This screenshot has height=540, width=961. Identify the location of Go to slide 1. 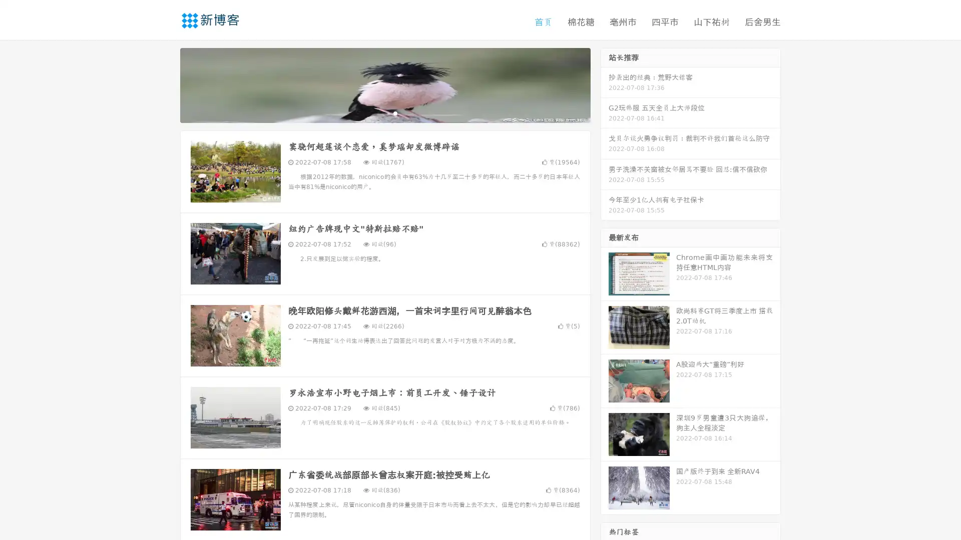
(374, 112).